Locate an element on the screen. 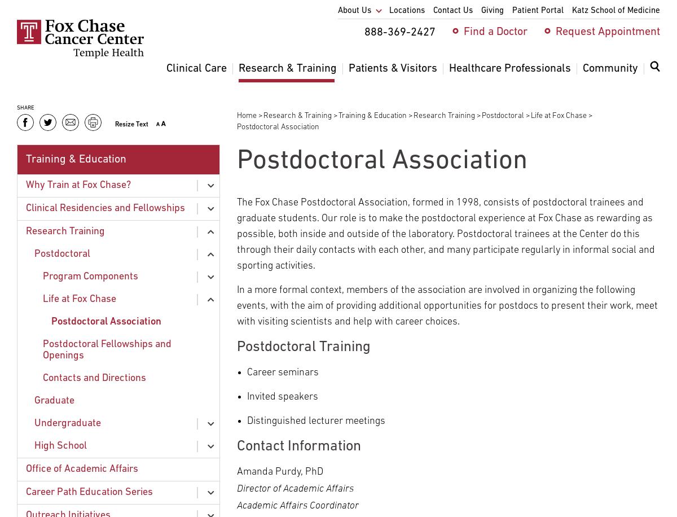 The width and height of the screenshot is (677, 517). 'Clinical Residencies and Fellowships' is located at coordinates (104, 208).